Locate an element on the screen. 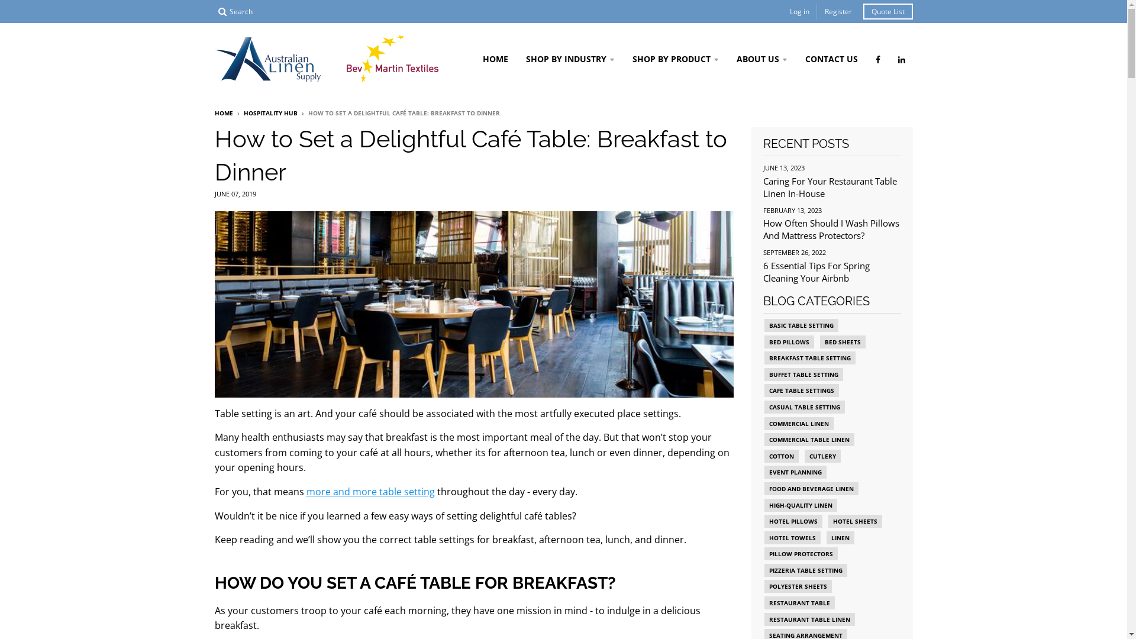 The image size is (1136, 639). 'BREAKFAST TABLE SETTING' is located at coordinates (767, 357).